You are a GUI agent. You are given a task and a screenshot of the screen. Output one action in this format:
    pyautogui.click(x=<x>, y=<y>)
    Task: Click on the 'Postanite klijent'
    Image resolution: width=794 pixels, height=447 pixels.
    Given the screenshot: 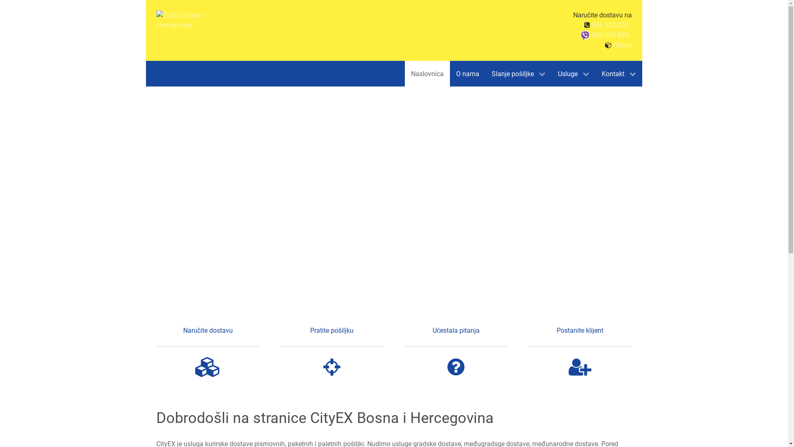 What is the action you would take?
    pyautogui.click(x=579, y=351)
    